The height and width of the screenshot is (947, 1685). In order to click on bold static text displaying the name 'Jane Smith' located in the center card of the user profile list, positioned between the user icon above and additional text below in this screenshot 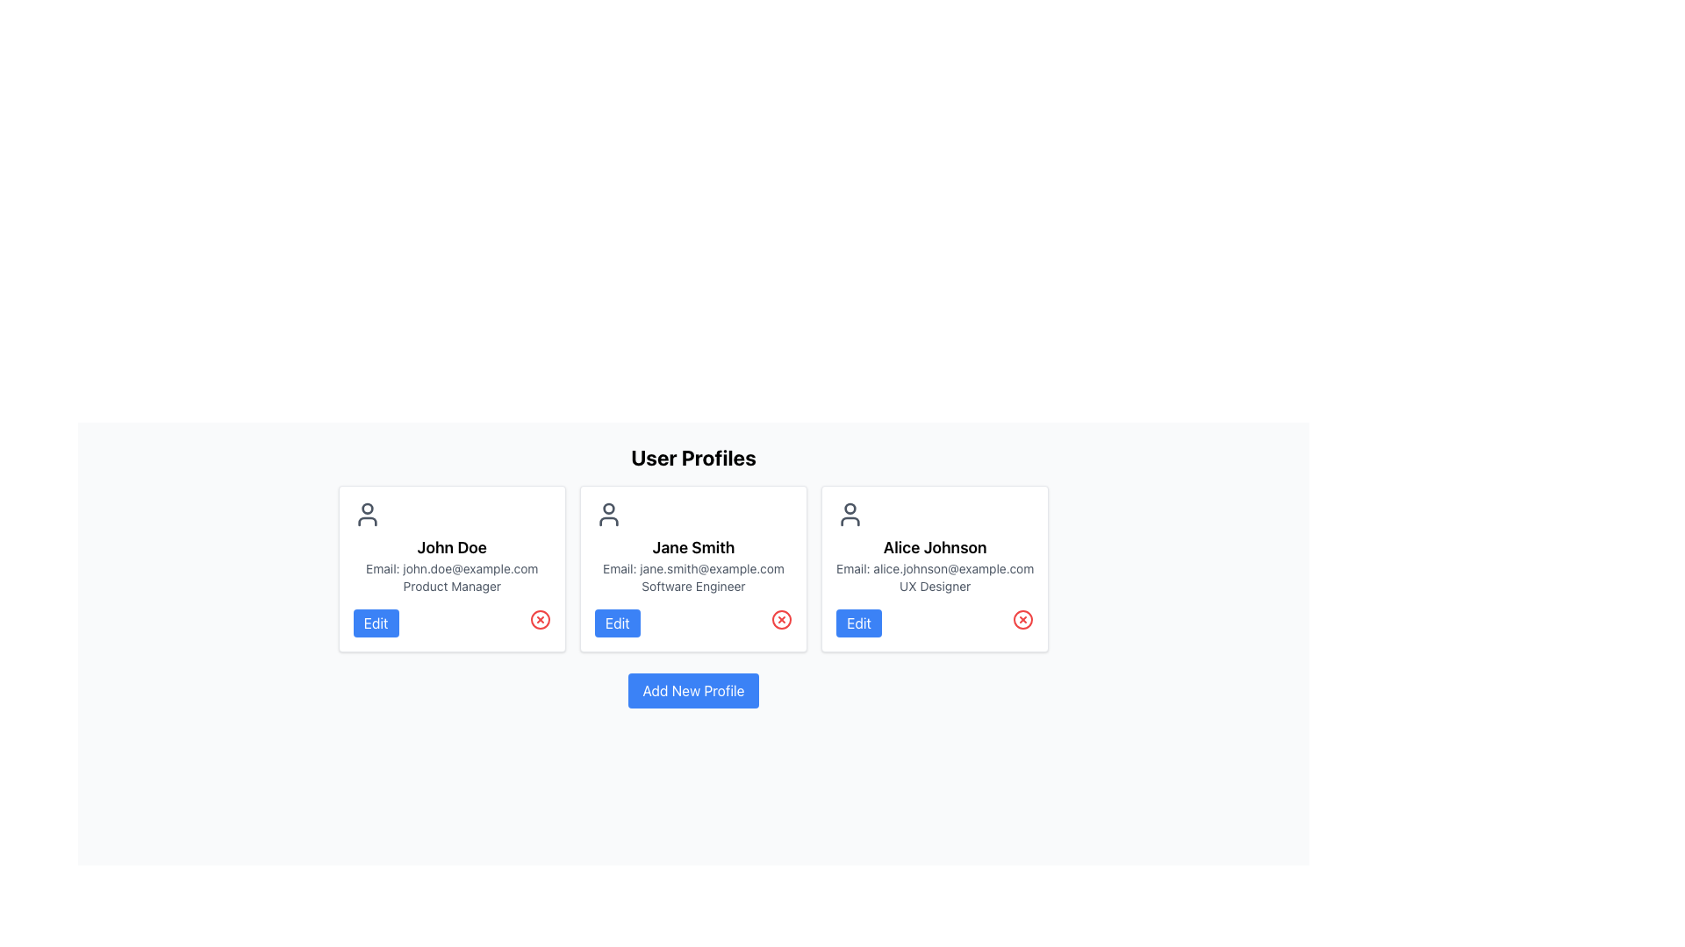, I will do `click(692, 546)`.